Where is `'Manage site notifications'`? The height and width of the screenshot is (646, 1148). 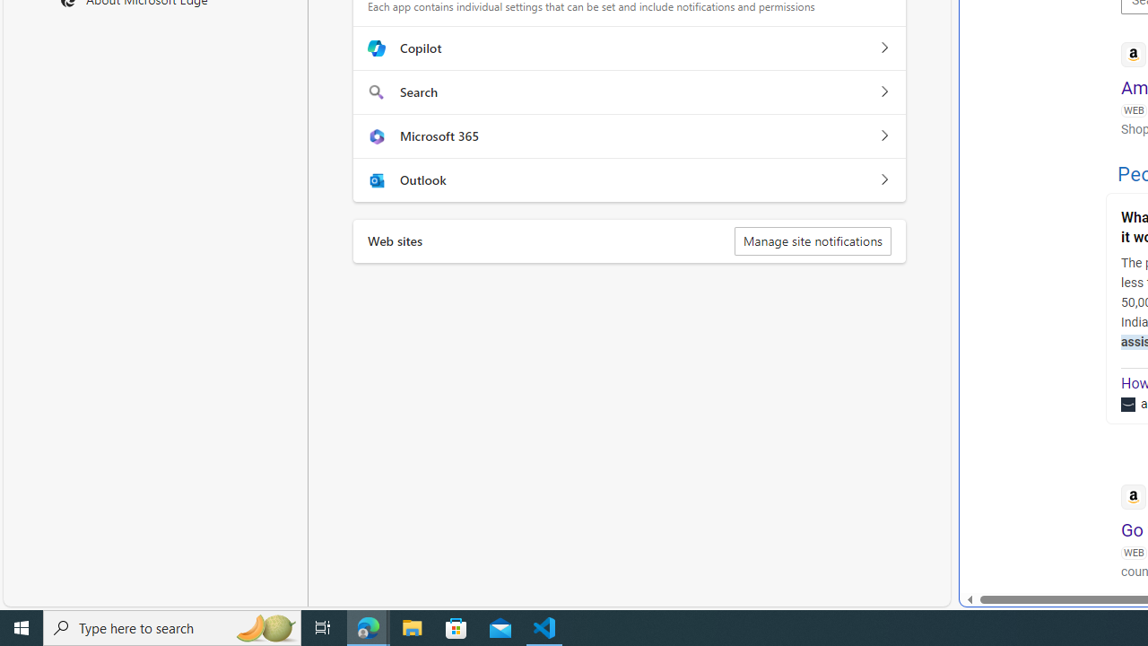
'Manage site notifications' is located at coordinates (812, 240).